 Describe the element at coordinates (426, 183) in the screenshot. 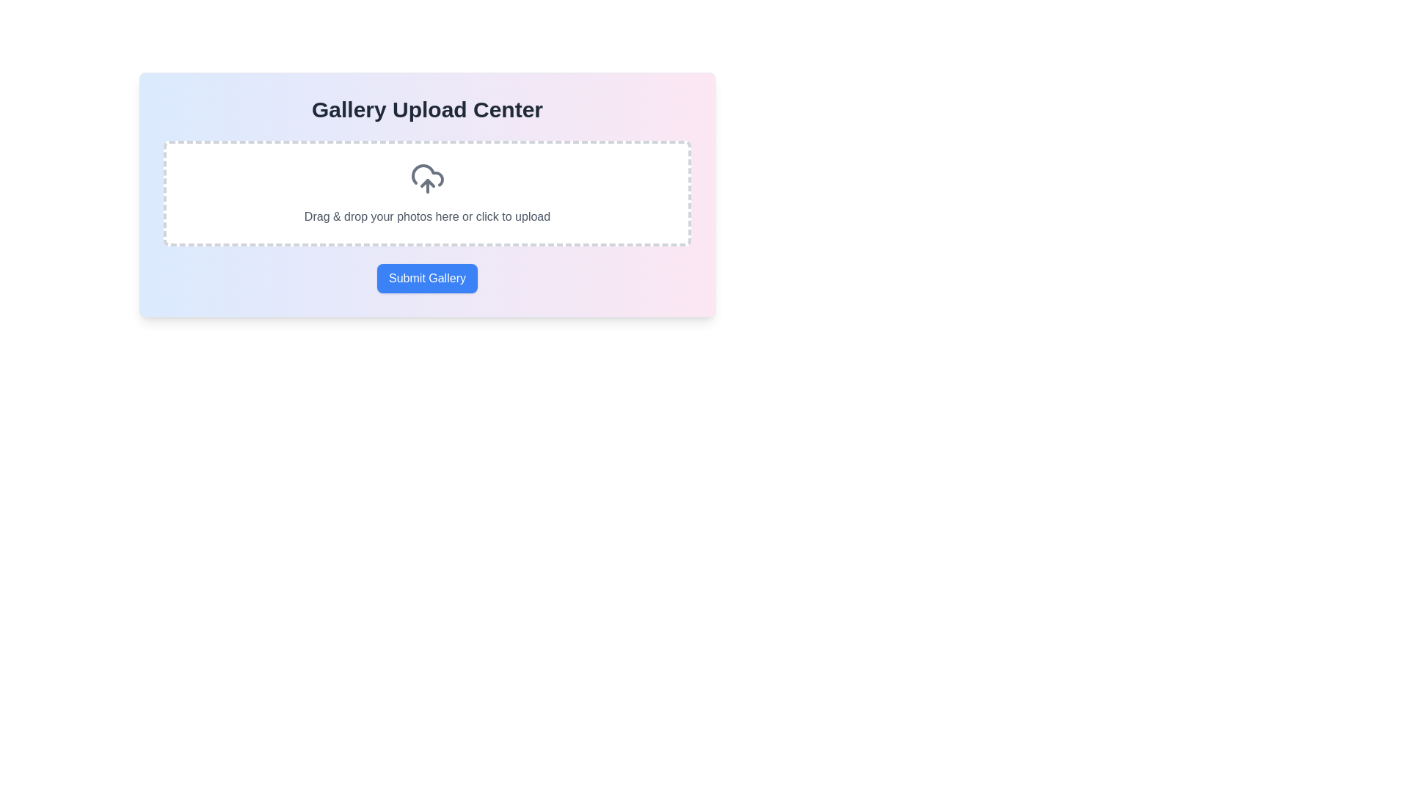

I see `the symmetric triangular icon resembling an upward arrow at the center of the cloud upload graphic, located under the text 'Gallery Upload Center'` at that location.